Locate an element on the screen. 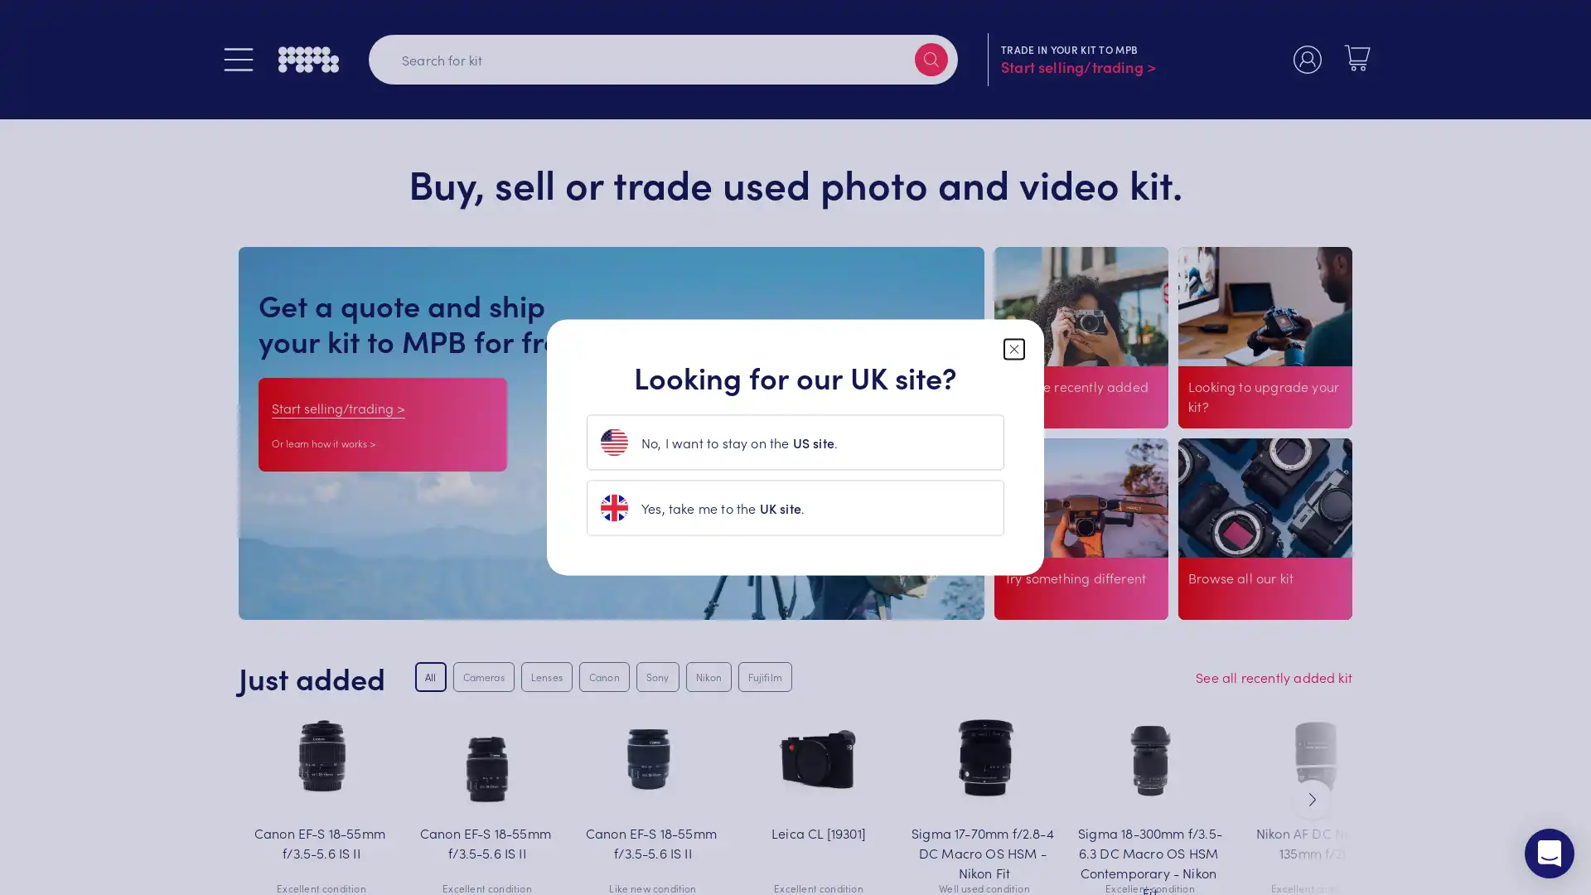 The width and height of the screenshot is (1591, 895). Open Intercom Messenger is located at coordinates (1549, 853).